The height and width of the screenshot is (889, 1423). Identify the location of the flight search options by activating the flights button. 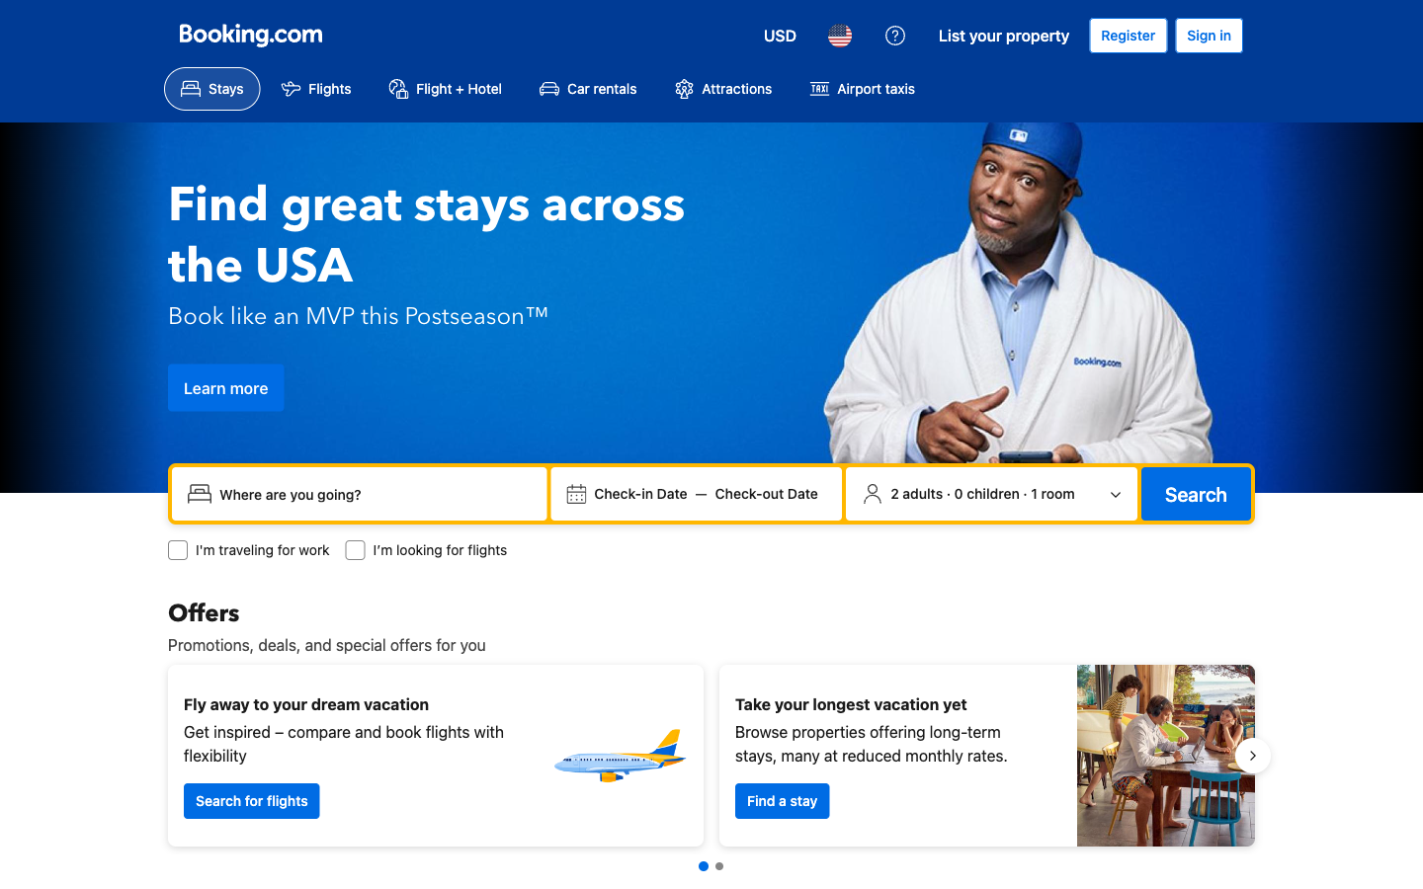
(315, 88).